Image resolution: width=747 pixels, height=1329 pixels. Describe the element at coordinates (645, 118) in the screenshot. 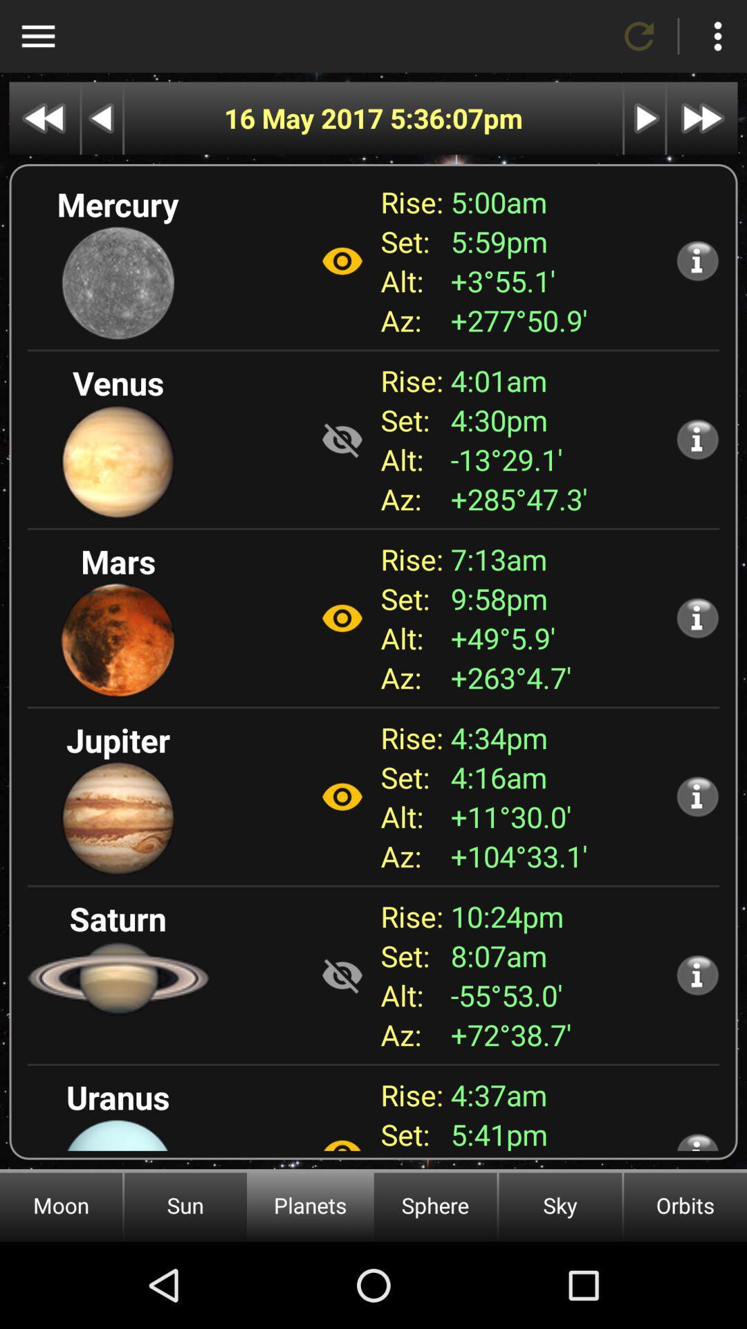

I see `shows play icon` at that location.